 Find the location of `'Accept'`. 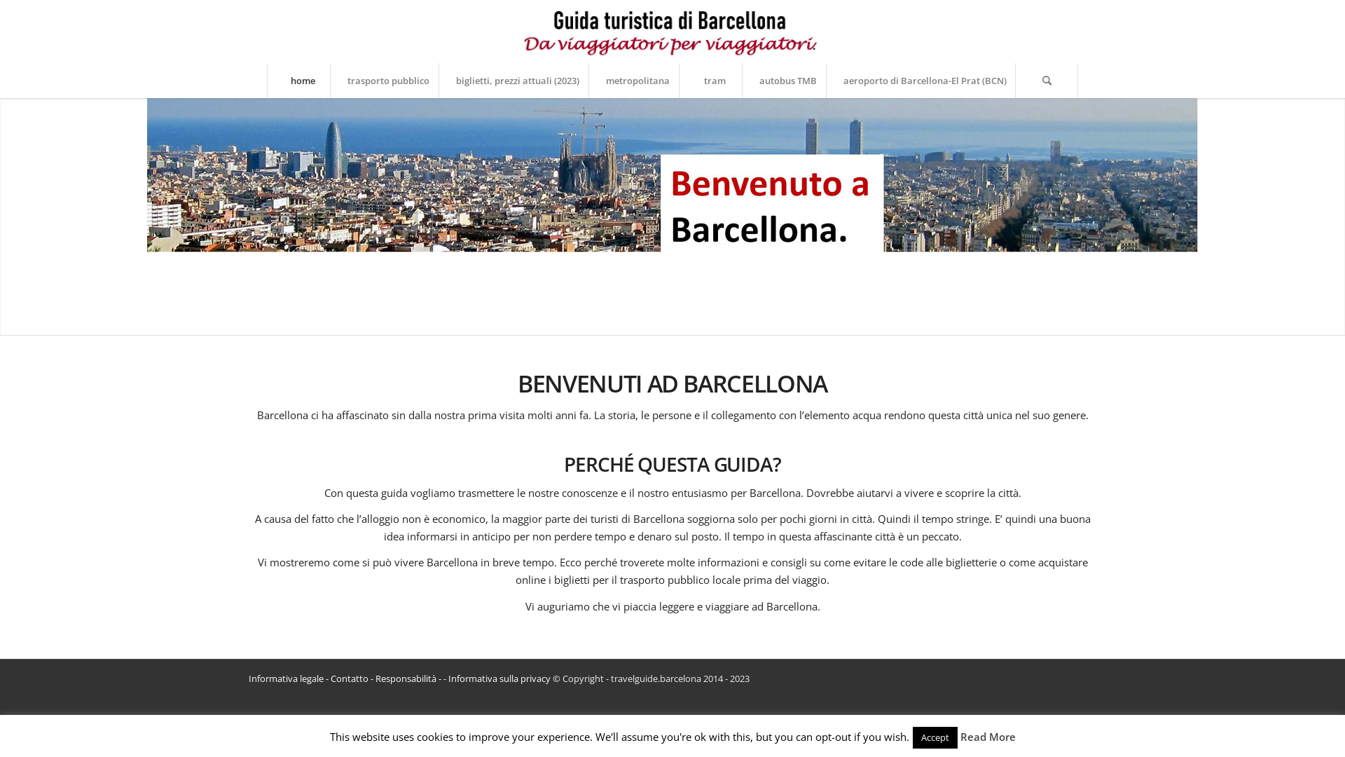

'Accept' is located at coordinates (934, 737).